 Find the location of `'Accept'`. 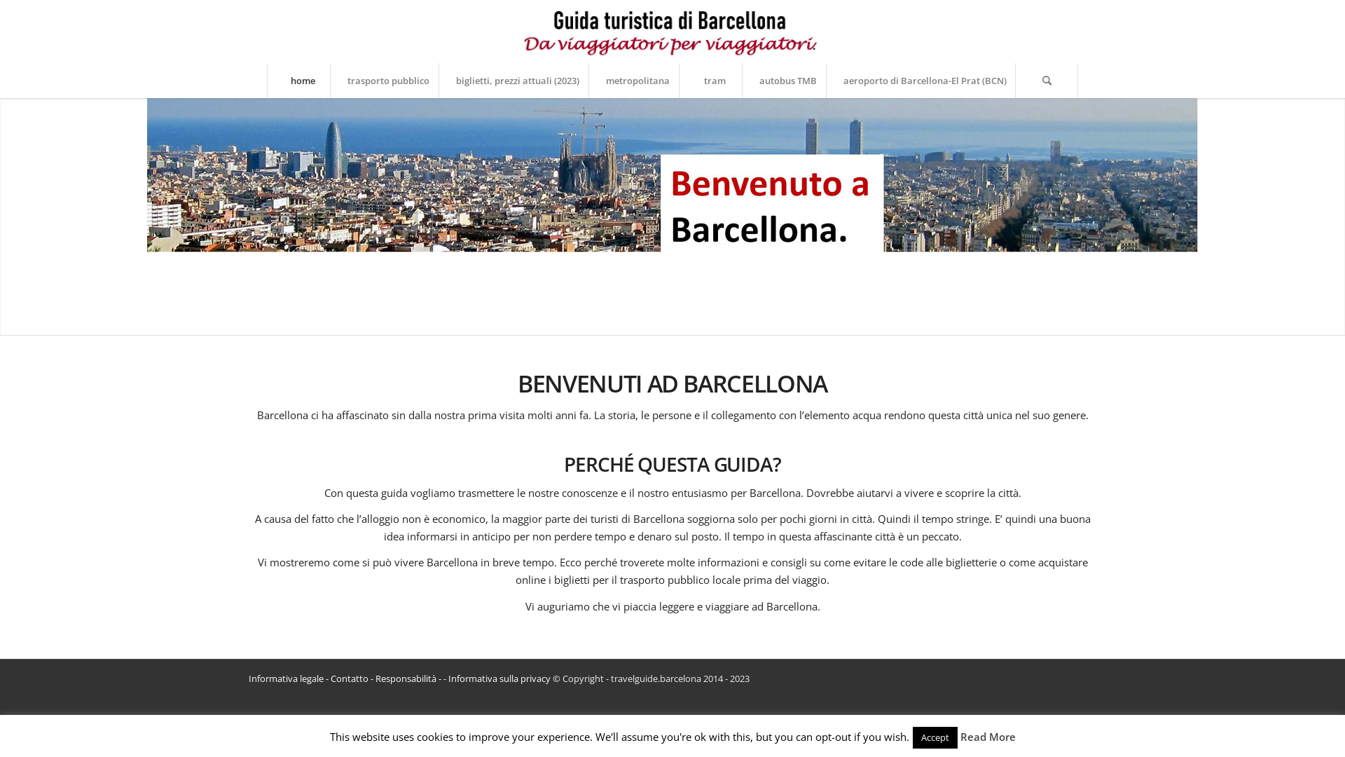

'Accept' is located at coordinates (934, 737).